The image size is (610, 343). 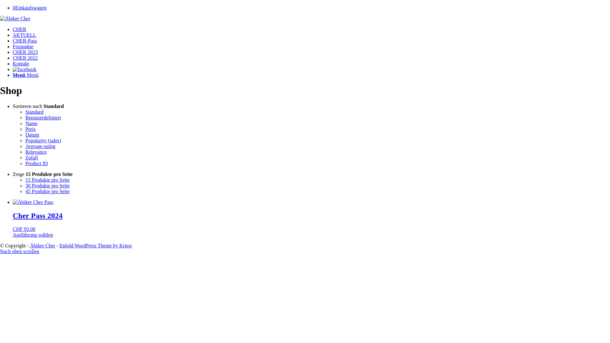 I want to click on 'Preis', so click(x=30, y=129).